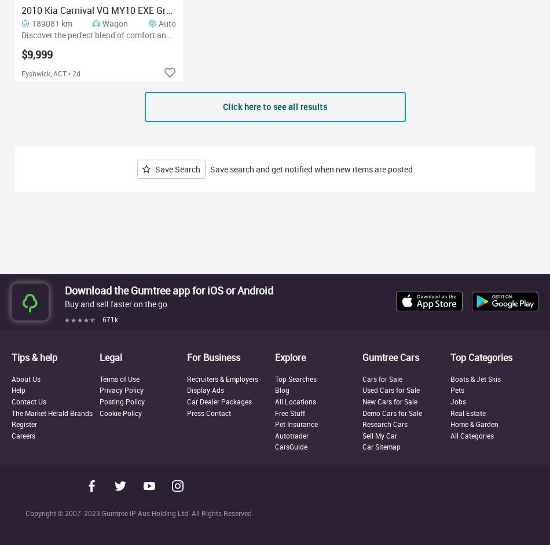 This screenshot has height=545, width=550. What do you see at coordinates (281, 390) in the screenshot?
I see `'Blog'` at bounding box center [281, 390].